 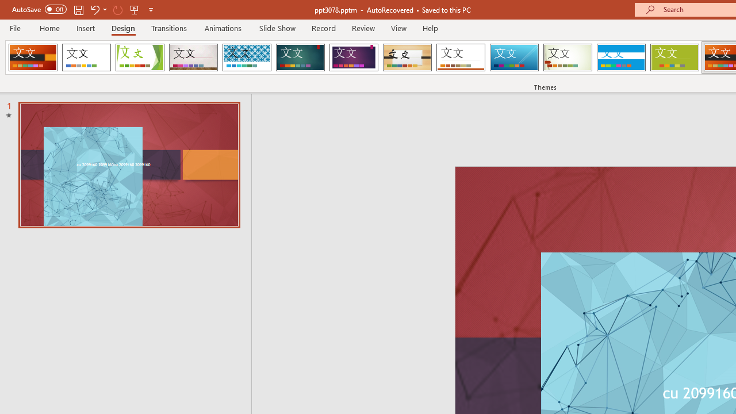 What do you see at coordinates (407, 57) in the screenshot?
I see `'Organic'` at bounding box center [407, 57].